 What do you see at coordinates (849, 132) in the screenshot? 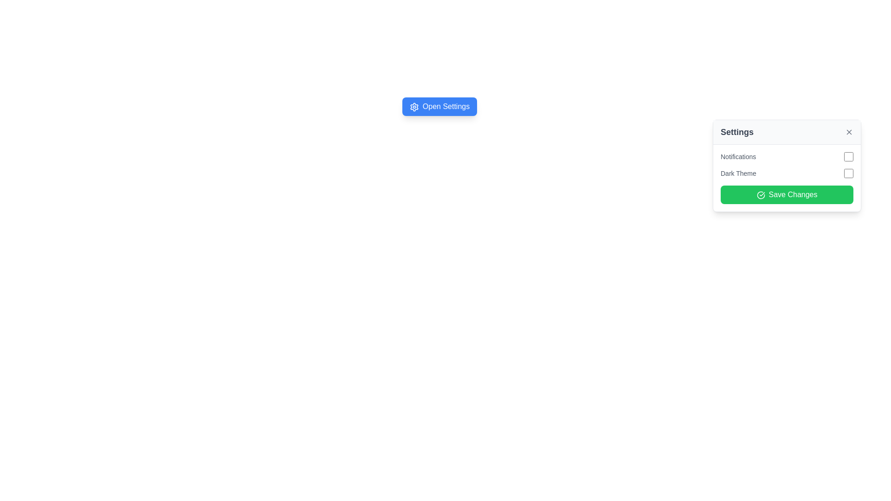
I see `the close icon located in the top-right corner of the settings panel, next to the 'Settings' text` at bounding box center [849, 132].